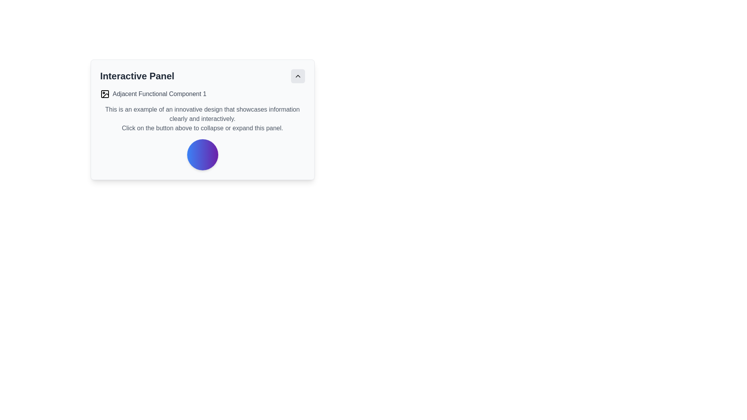 The image size is (747, 420). What do you see at coordinates (202, 94) in the screenshot?
I see `the Label with Icon located near the top of the panel, just below the header labeled 'Interactive Panel'. This element serves as an identifier for its section of the UI` at bounding box center [202, 94].